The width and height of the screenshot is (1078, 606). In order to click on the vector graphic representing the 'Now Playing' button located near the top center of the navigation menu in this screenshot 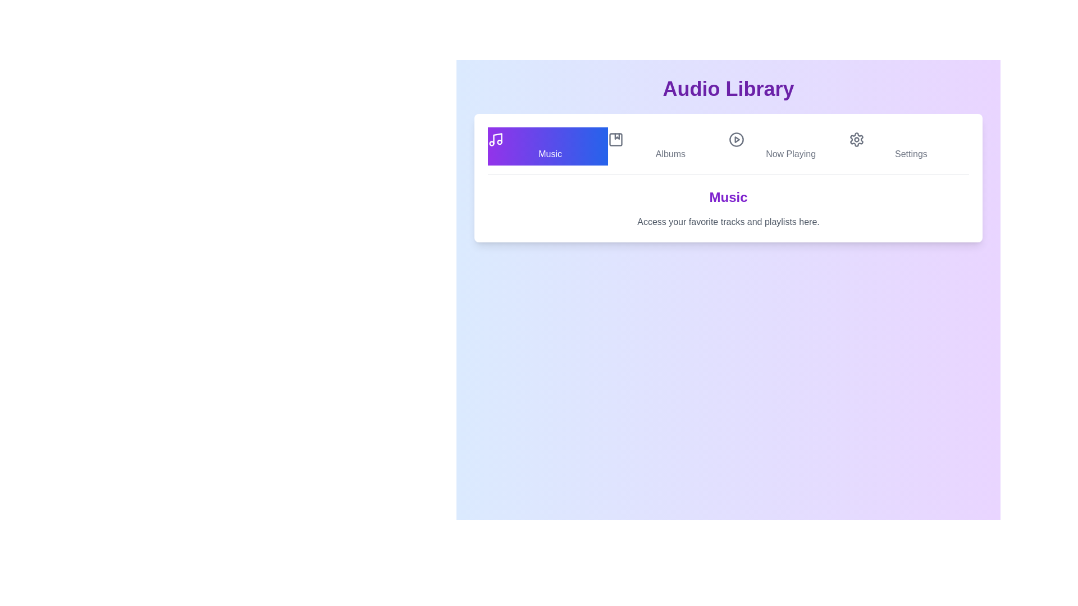, I will do `click(736, 139)`.